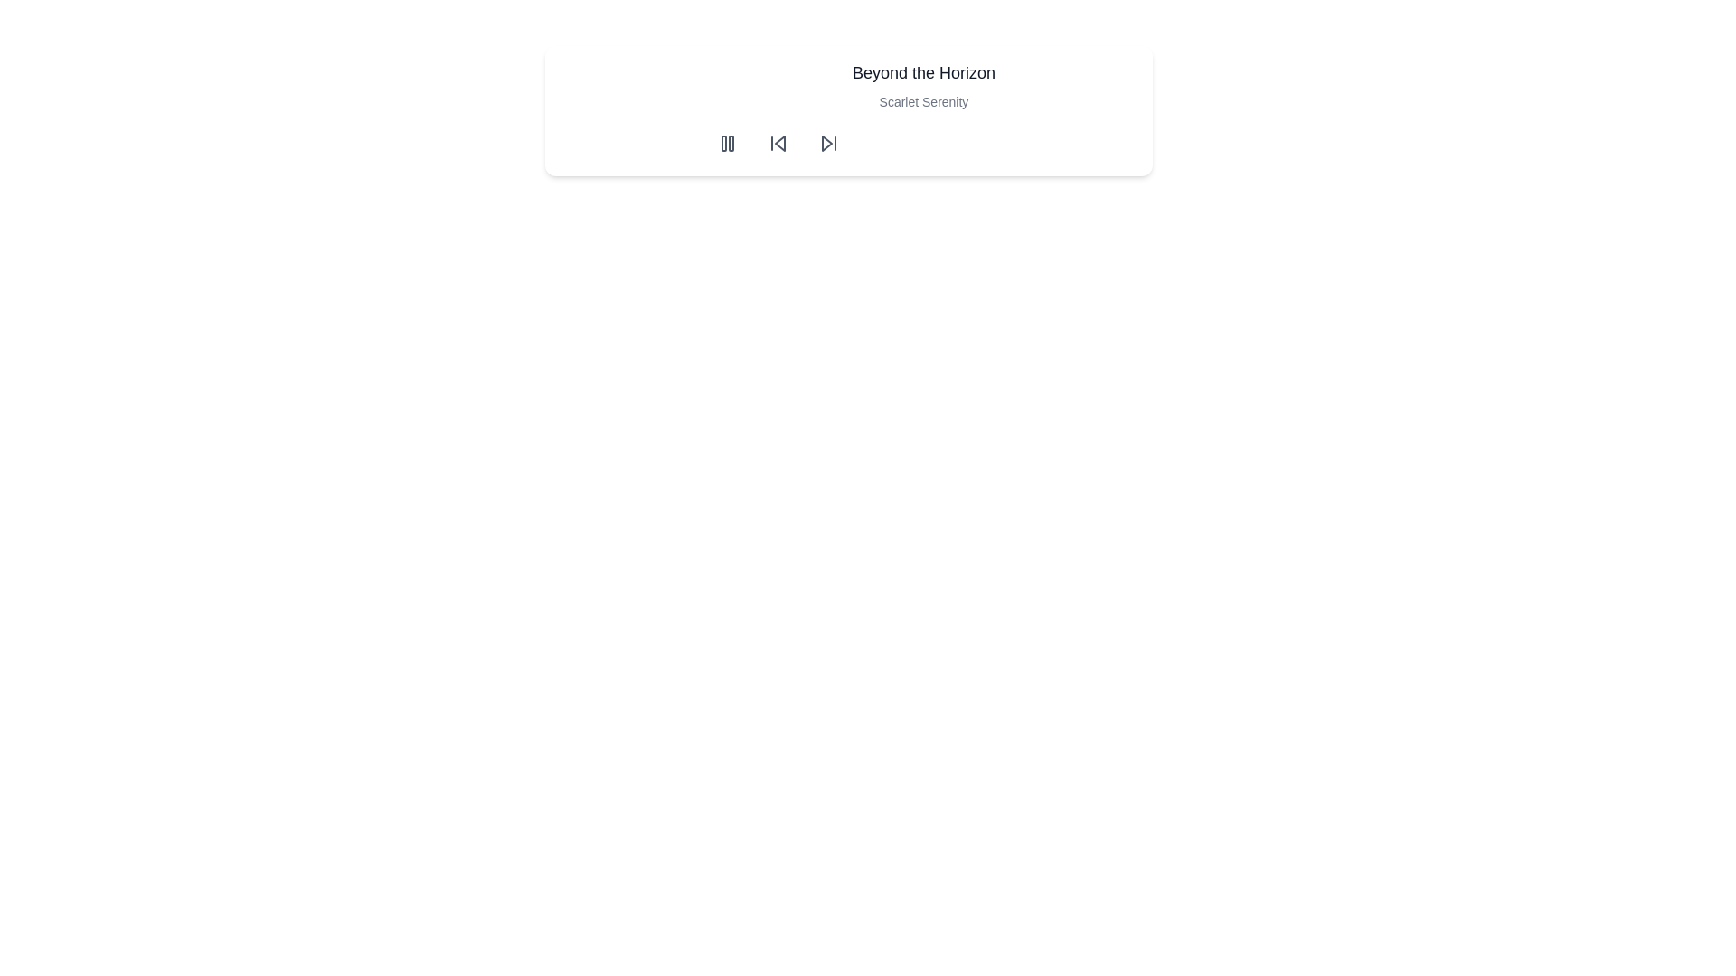  Describe the element at coordinates (924, 142) in the screenshot. I see `the Control Panel buttons` at that location.